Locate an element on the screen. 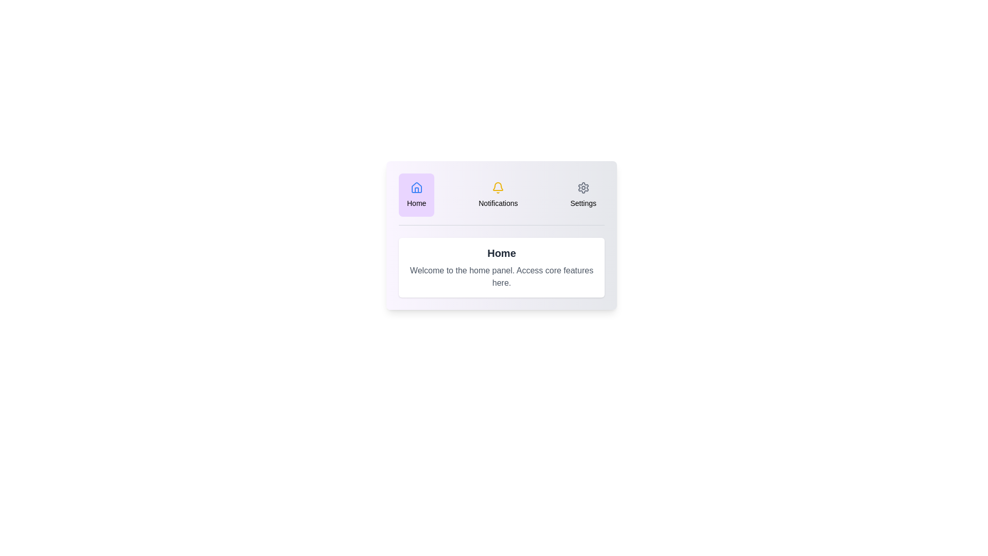  the Settings tab to switch views is located at coordinates (583, 195).